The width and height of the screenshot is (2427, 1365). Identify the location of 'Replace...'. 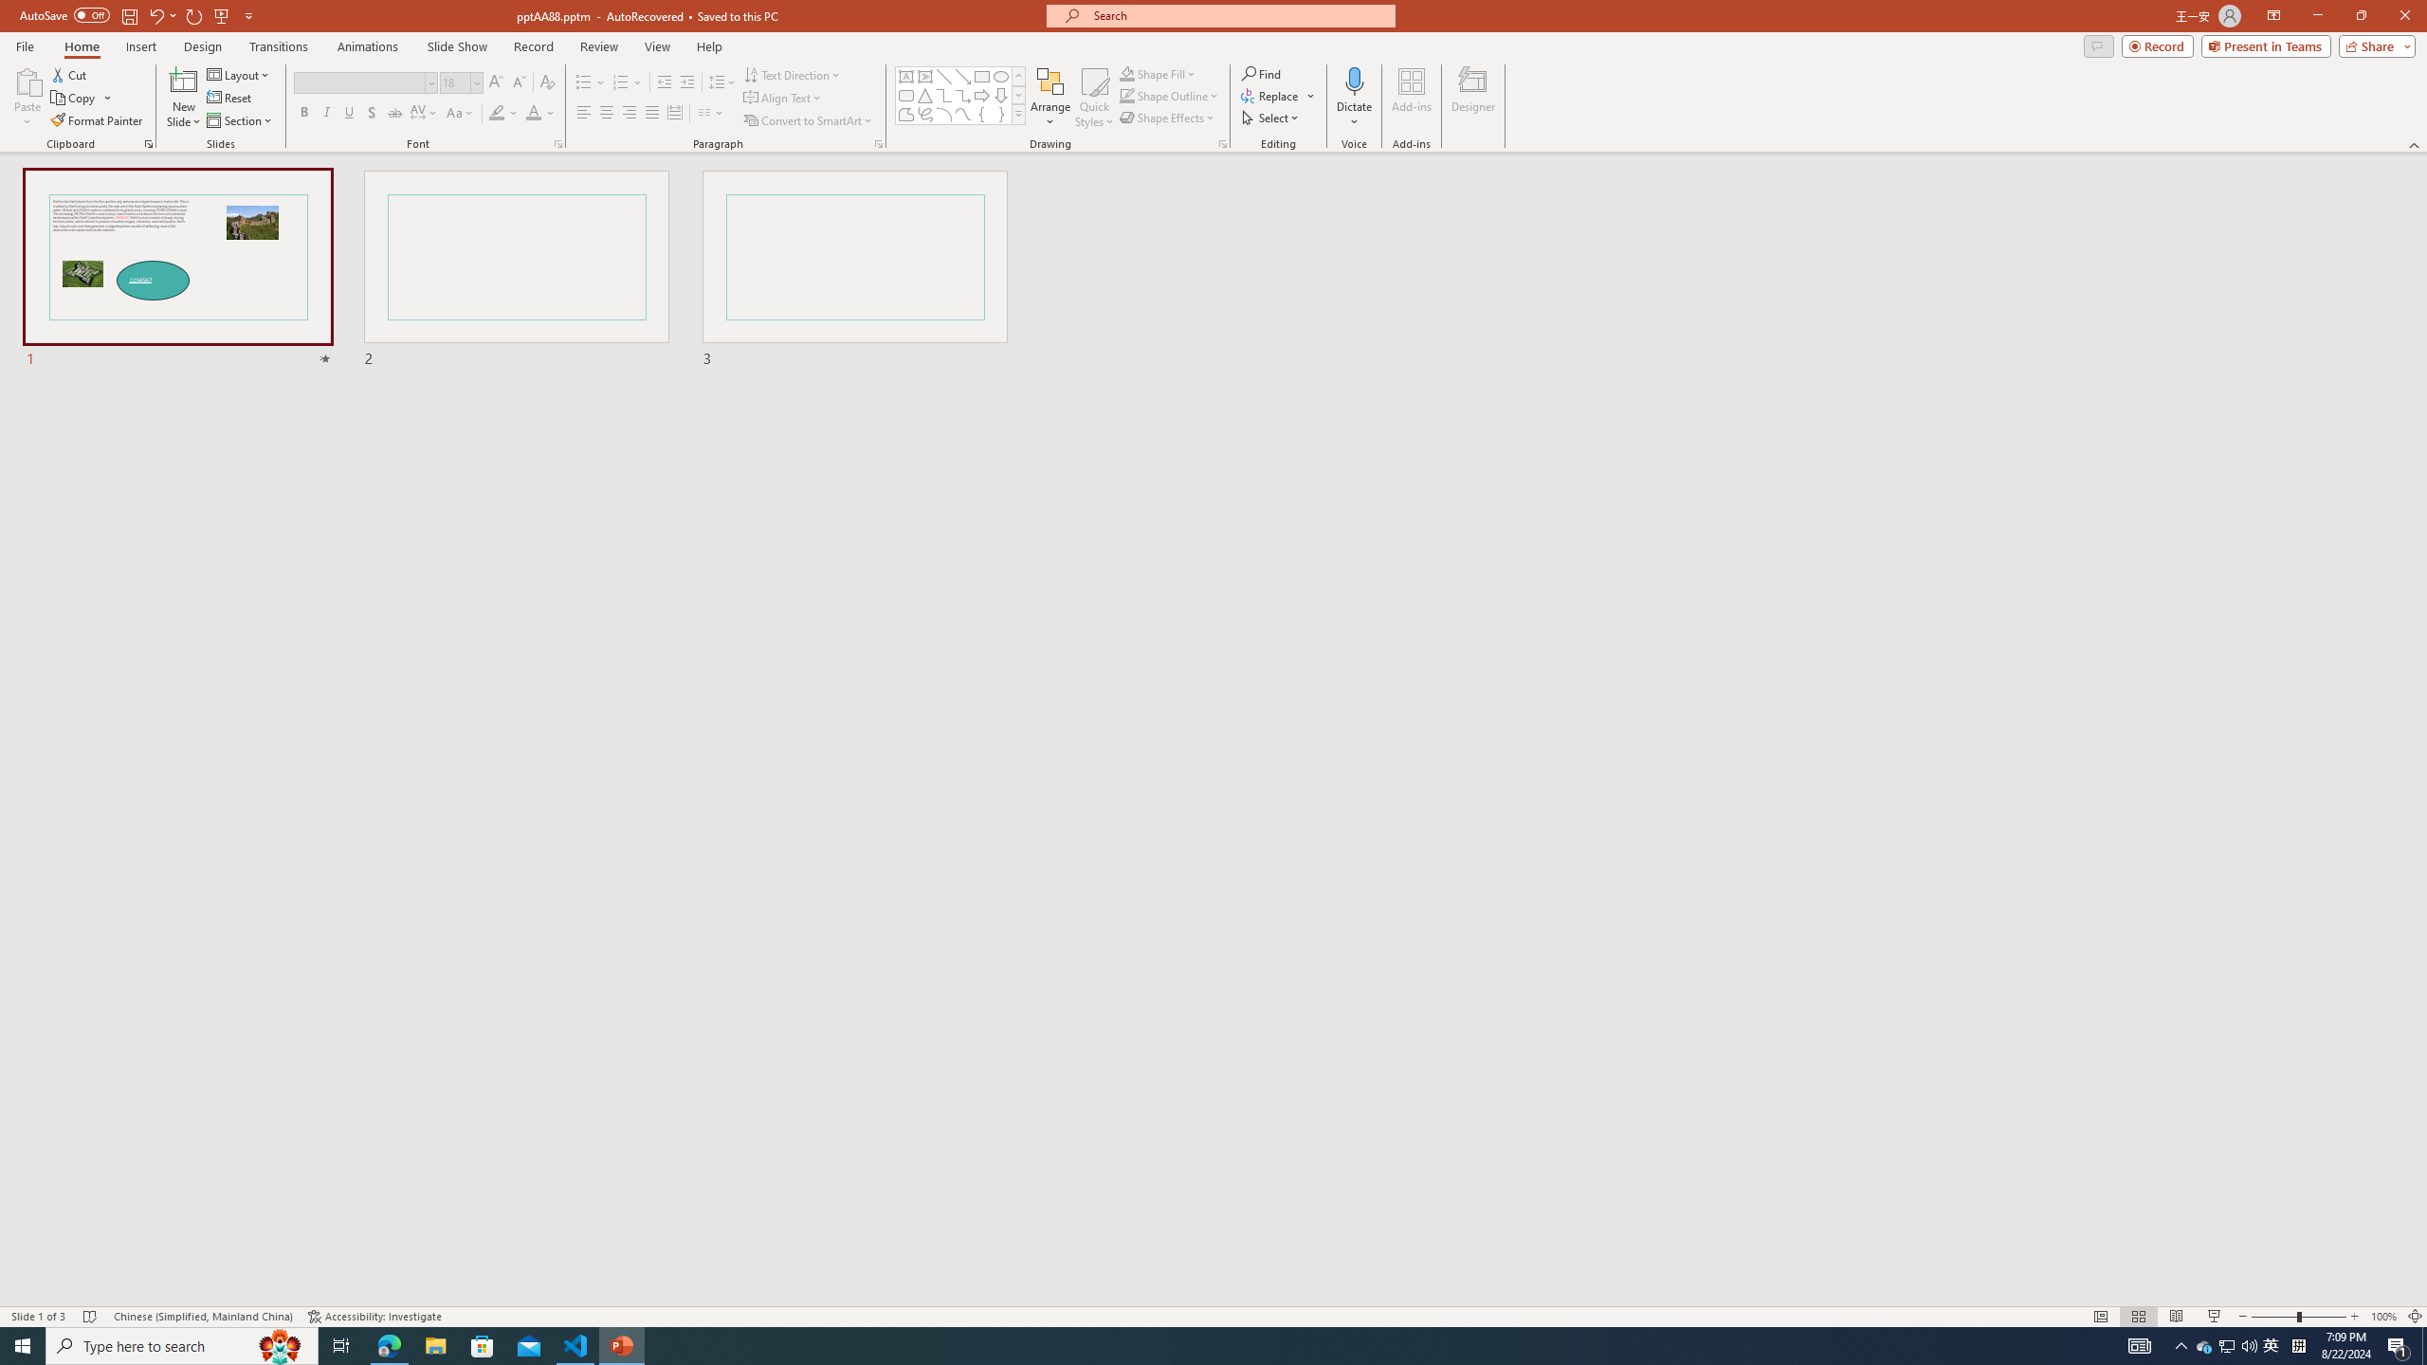
(1271, 94).